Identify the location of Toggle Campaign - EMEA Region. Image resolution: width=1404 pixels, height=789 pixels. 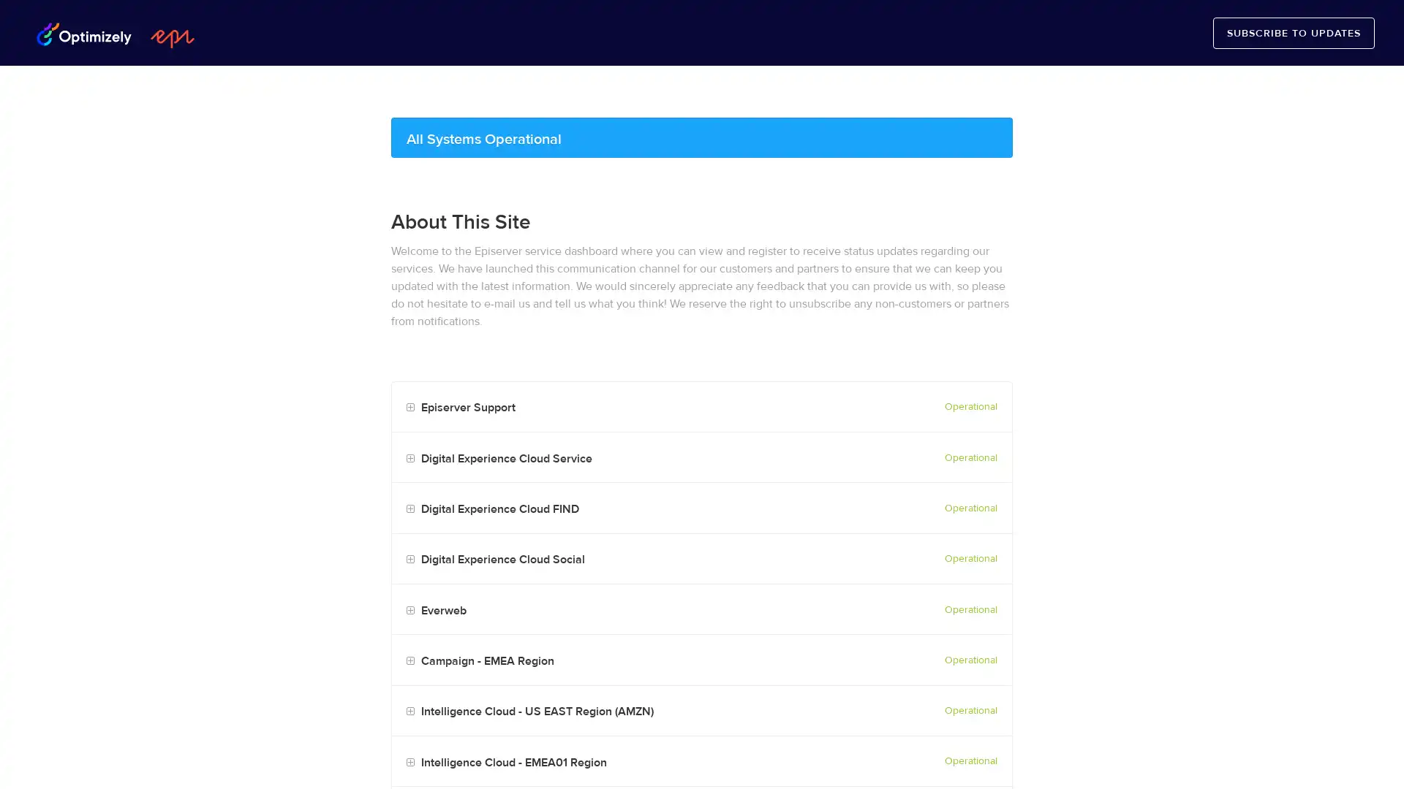
(409, 661).